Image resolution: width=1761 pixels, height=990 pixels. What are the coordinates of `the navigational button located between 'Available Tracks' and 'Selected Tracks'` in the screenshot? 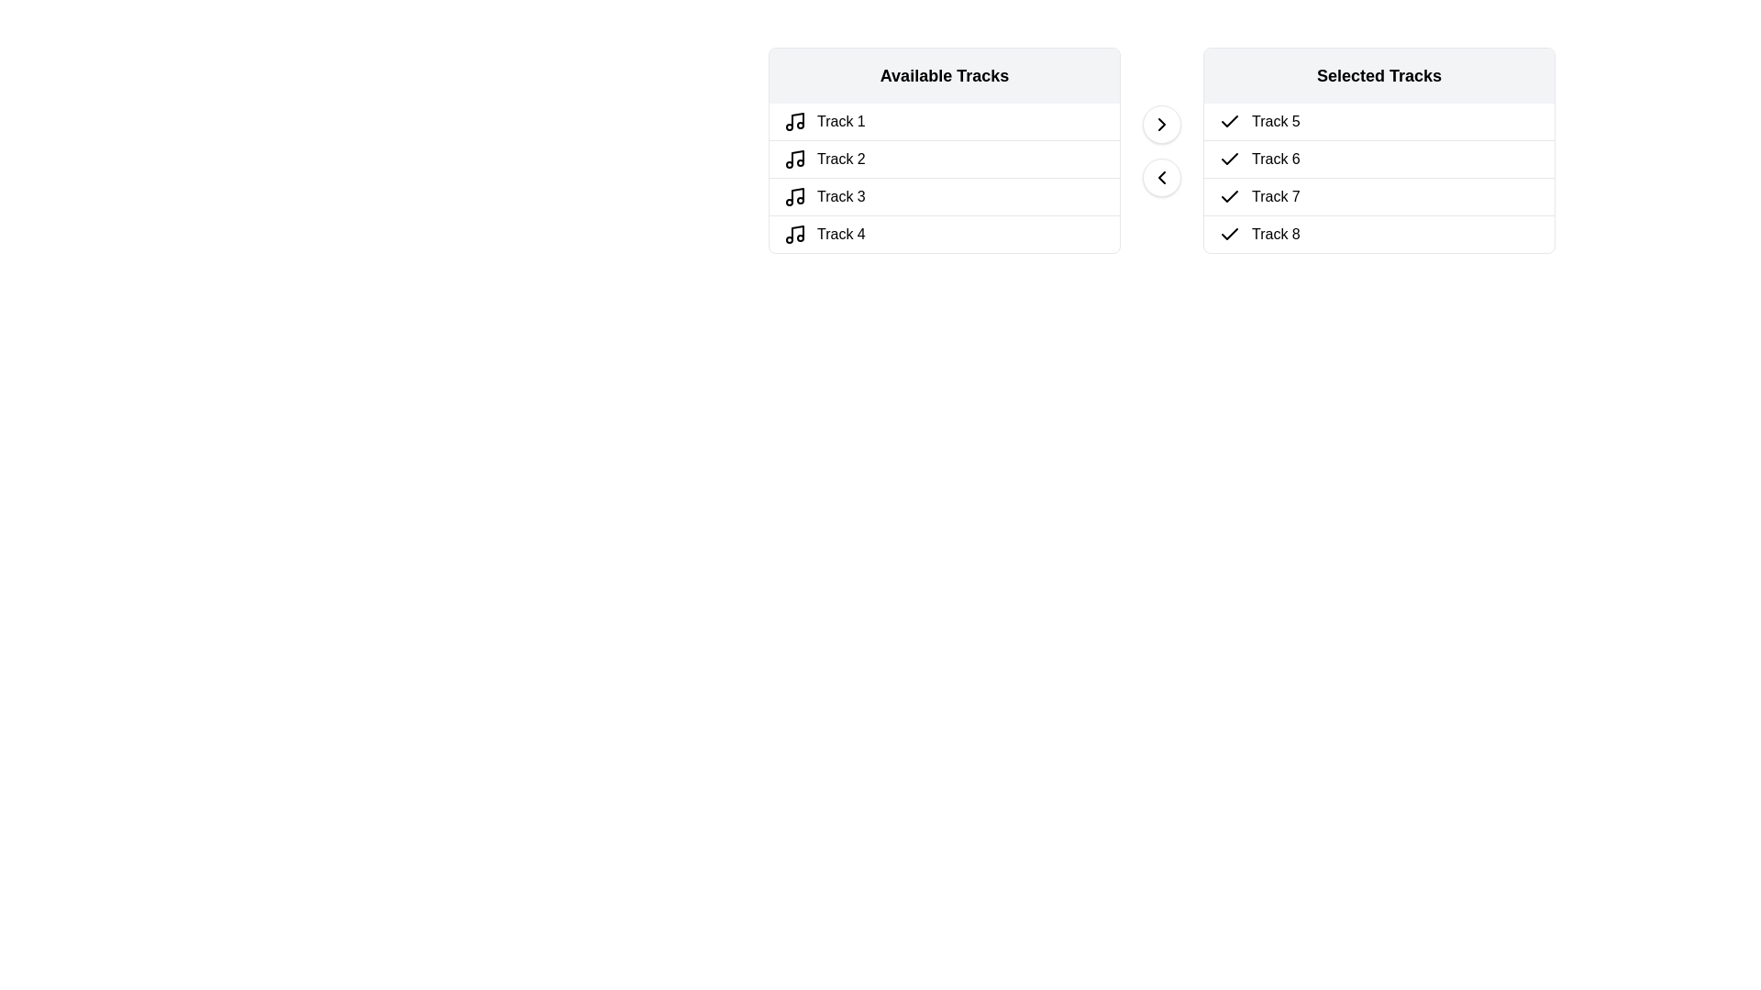 It's located at (1161, 177).